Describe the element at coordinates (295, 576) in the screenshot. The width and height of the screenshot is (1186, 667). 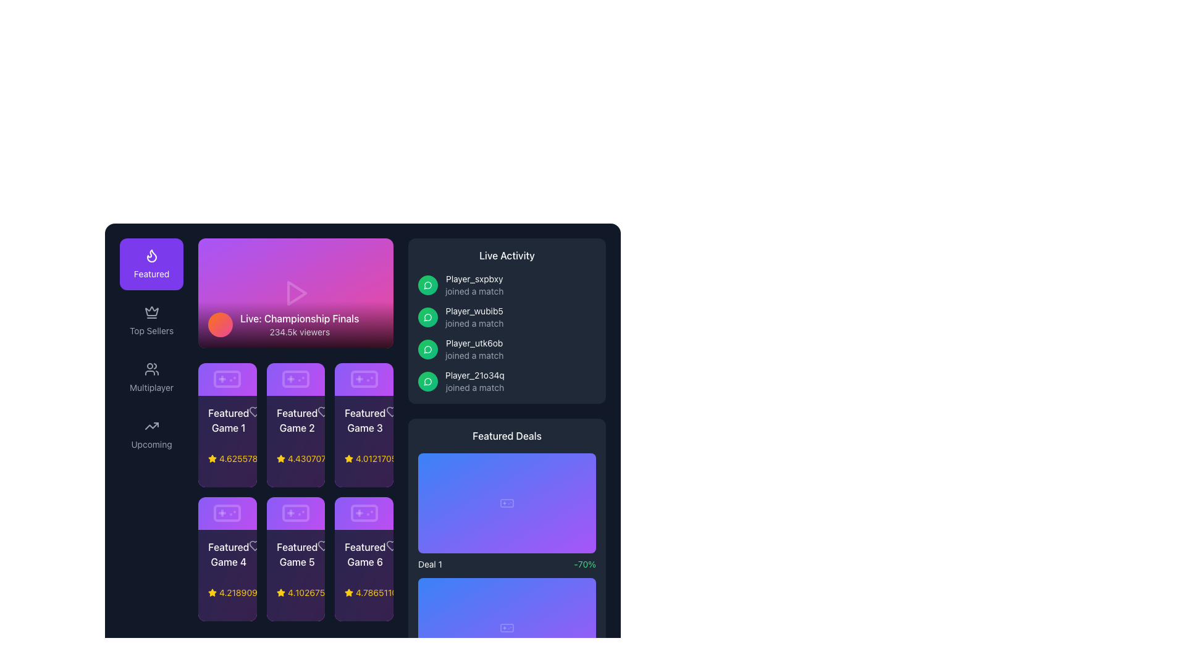
I see `the Information card located in the bottom row, middle column of the 'Featured Games' section` at that location.